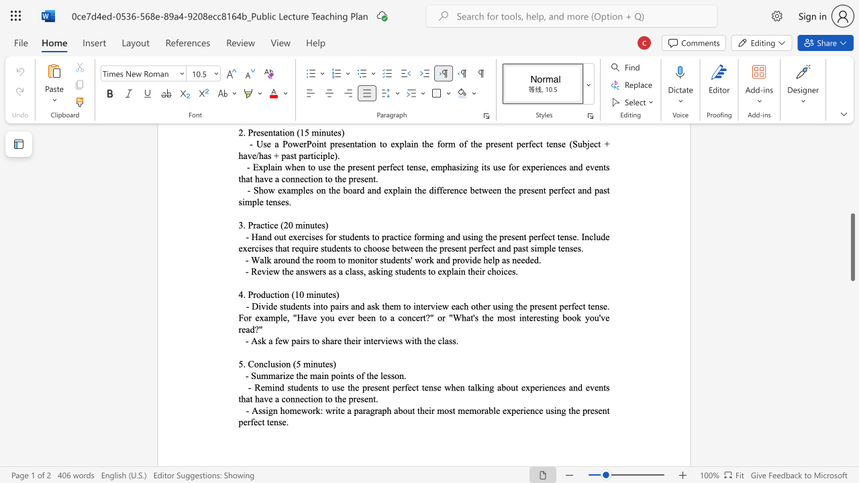  What do you see at coordinates (258, 294) in the screenshot?
I see `the 1th character "o" in the text` at bounding box center [258, 294].